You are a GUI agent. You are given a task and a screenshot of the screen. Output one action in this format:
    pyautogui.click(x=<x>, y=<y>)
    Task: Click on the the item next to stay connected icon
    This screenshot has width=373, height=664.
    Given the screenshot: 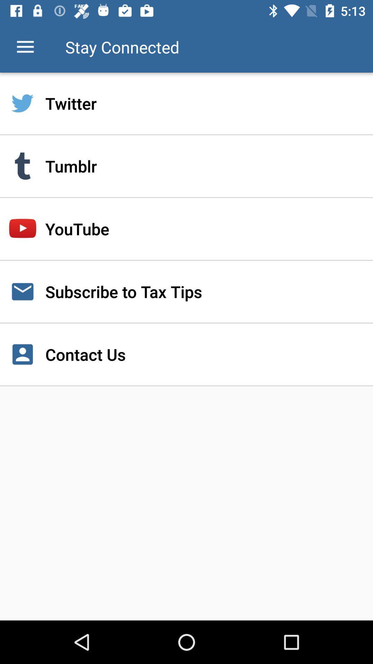 What is the action you would take?
    pyautogui.click(x=25, y=47)
    